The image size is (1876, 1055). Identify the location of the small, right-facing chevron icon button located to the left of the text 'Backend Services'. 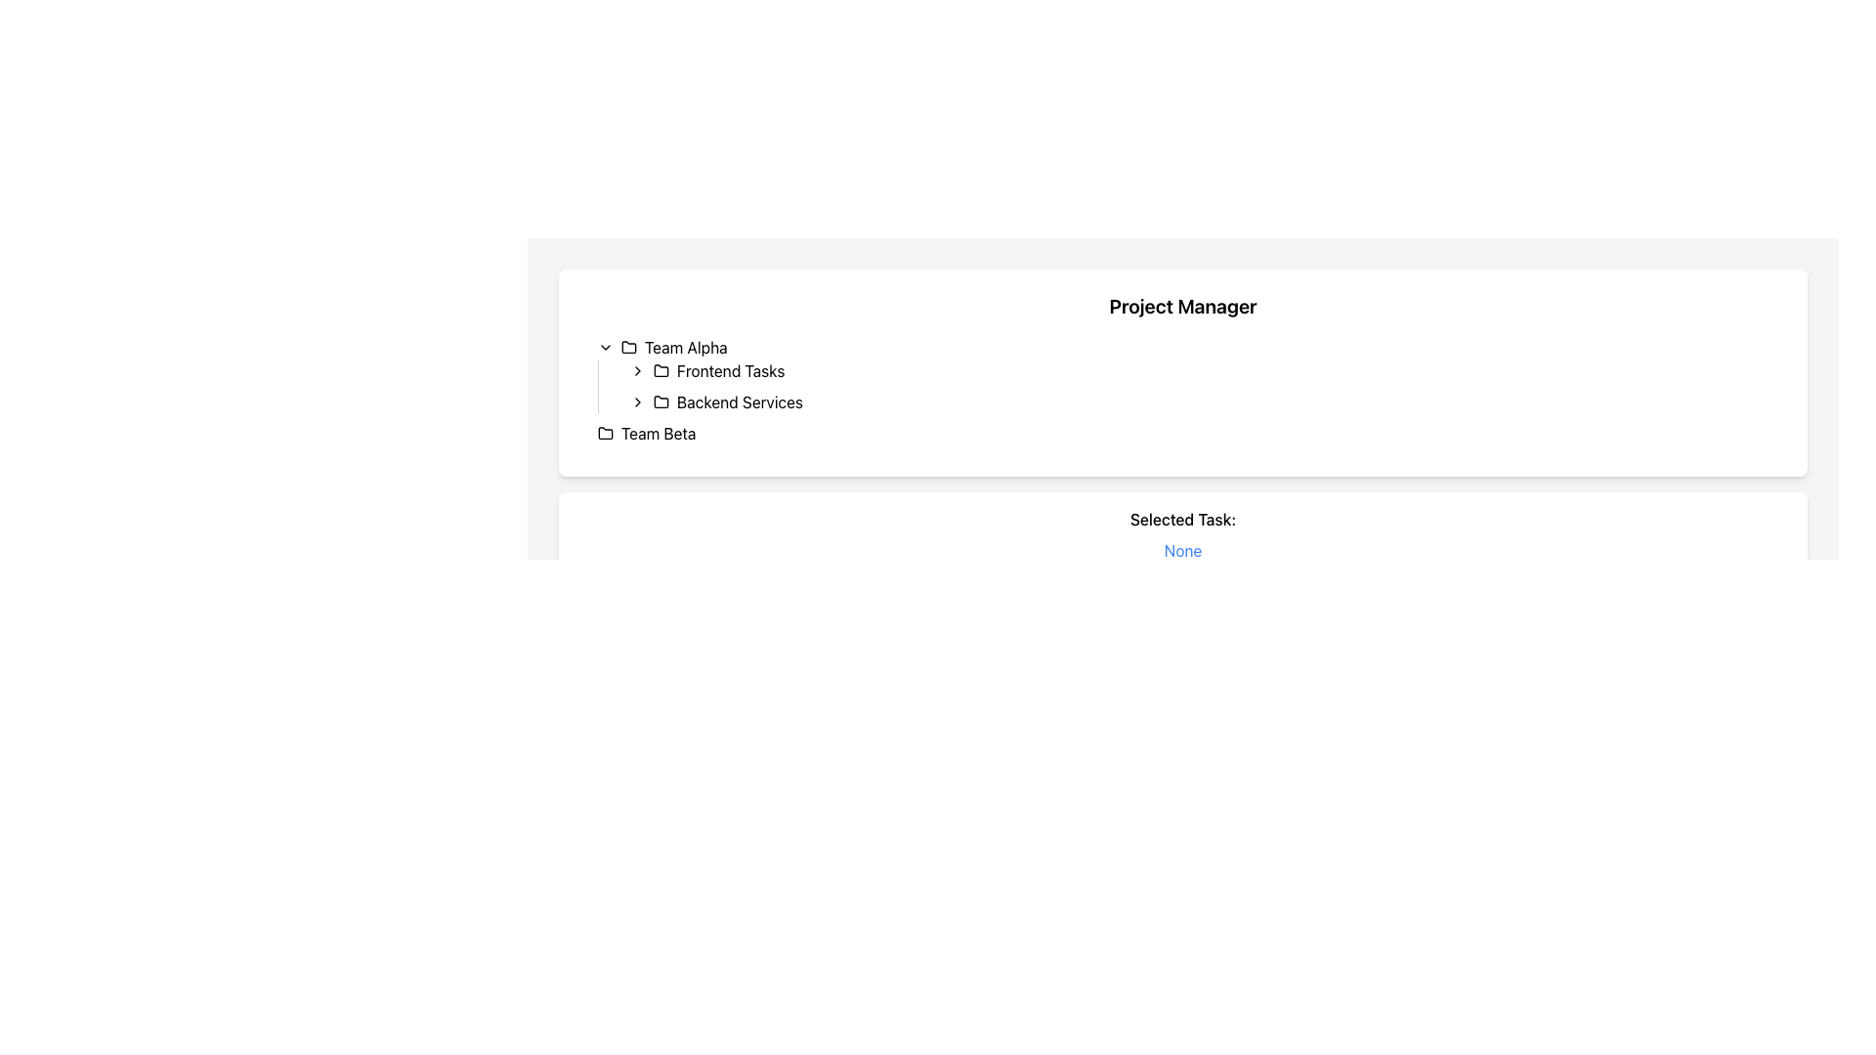
(637, 401).